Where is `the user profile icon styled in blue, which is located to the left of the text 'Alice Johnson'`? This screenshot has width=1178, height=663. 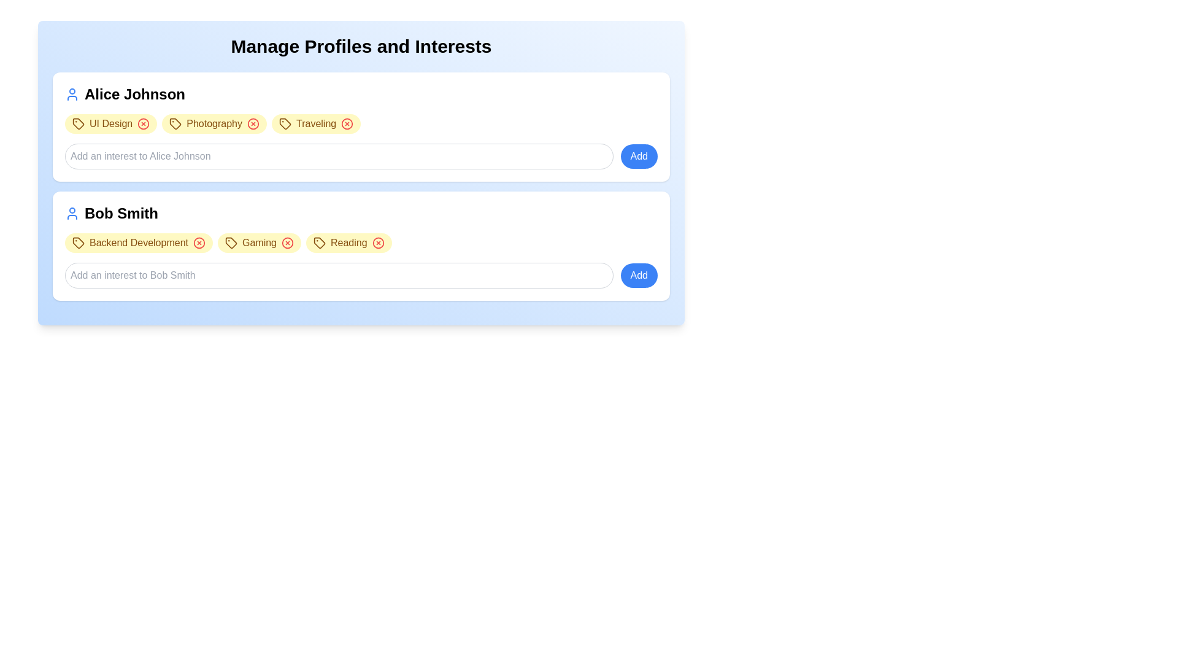 the user profile icon styled in blue, which is located to the left of the text 'Alice Johnson' is located at coordinates (72, 94).